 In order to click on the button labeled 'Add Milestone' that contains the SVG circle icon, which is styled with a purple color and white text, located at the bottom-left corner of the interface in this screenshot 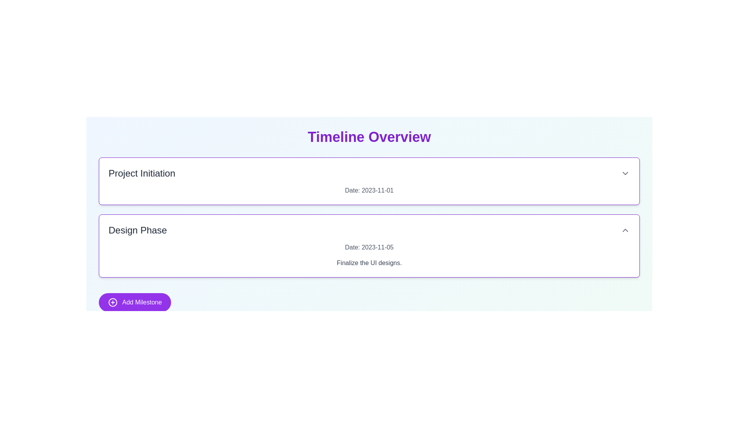, I will do `click(112, 302)`.